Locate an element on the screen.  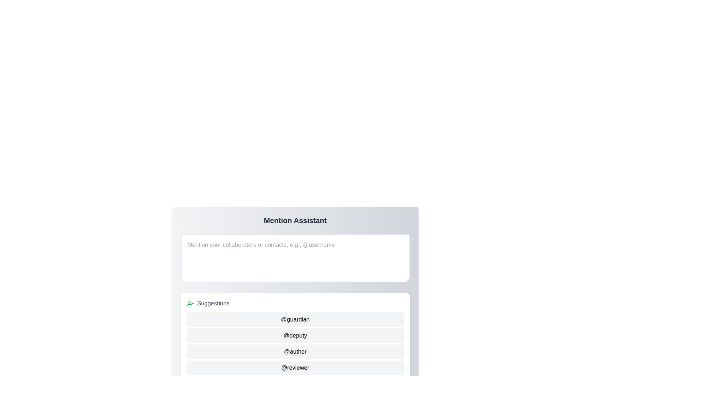
to select the '@author' option in the Suggestions section of the Mention Assistant interface is located at coordinates (295, 351).